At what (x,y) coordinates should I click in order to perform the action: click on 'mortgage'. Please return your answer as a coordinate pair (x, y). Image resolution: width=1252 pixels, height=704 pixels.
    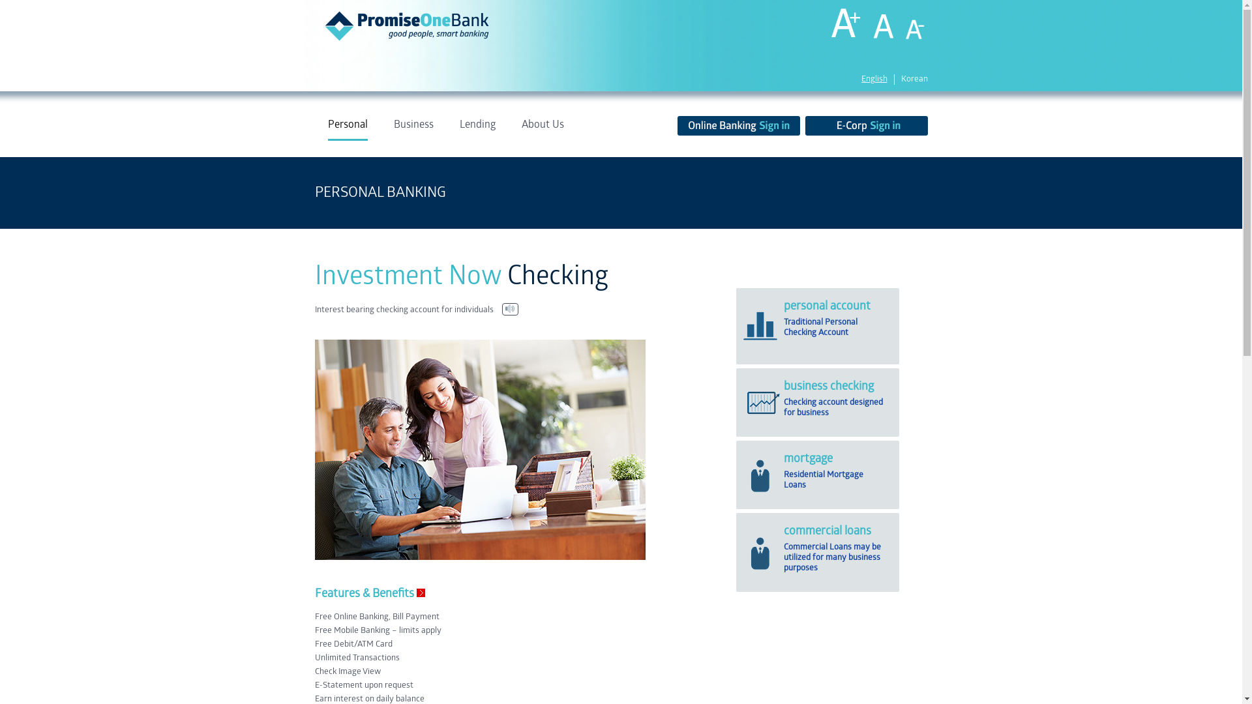
    Looking at the image, I should click on (807, 458).